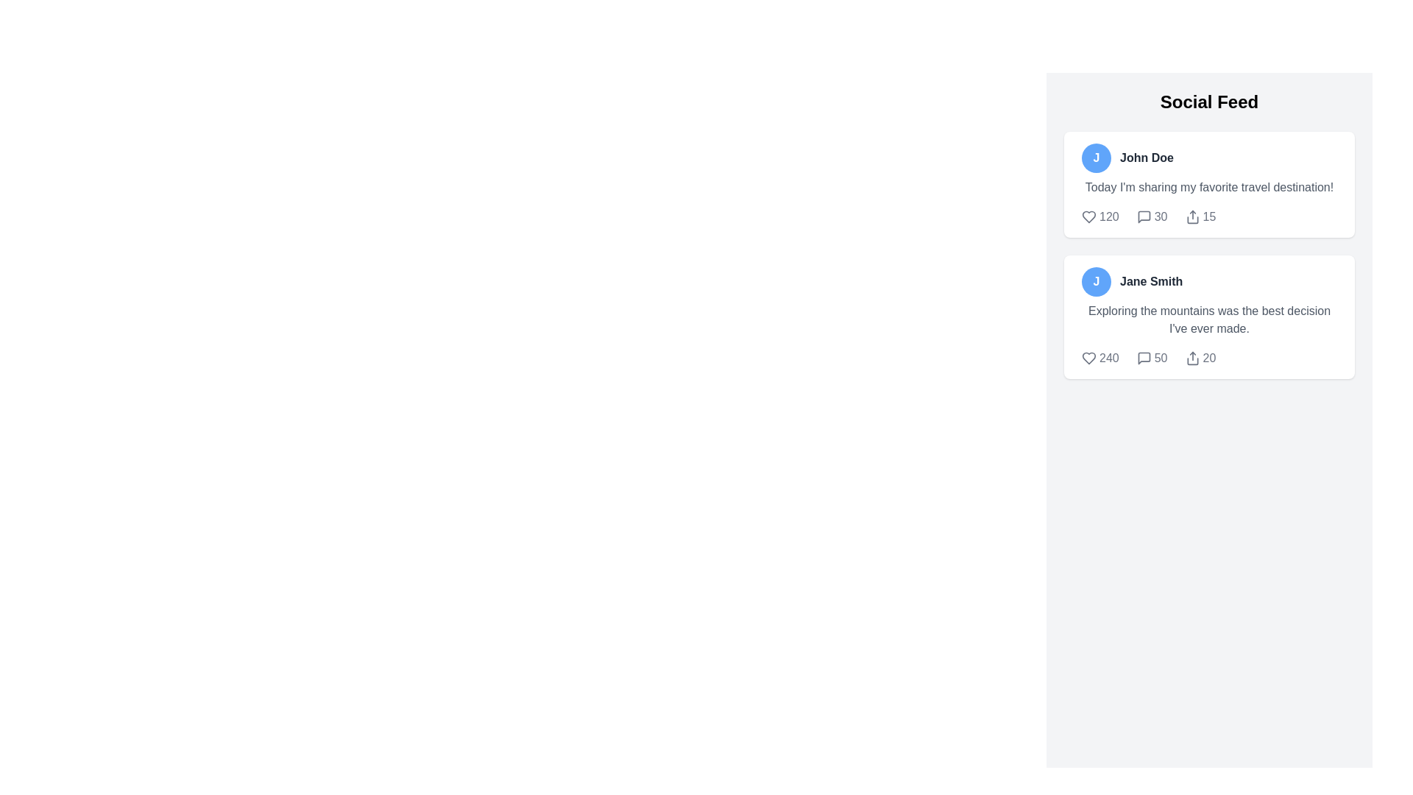 This screenshot has height=795, width=1413. What do you see at coordinates (1200, 358) in the screenshot?
I see `the numeric indicator displaying '20' which is part of a row of interactive components in a social media feed, located at the bottom-right portion of the second post` at bounding box center [1200, 358].